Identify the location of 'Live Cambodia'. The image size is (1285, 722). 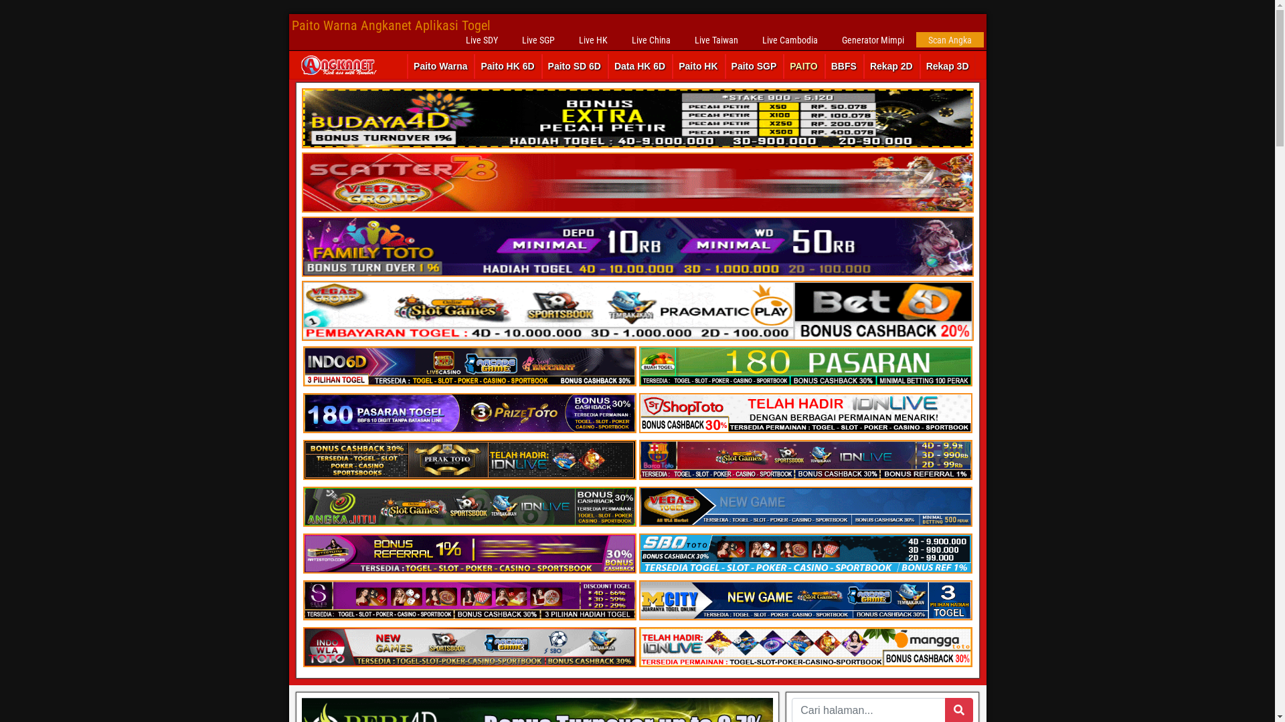
(789, 39).